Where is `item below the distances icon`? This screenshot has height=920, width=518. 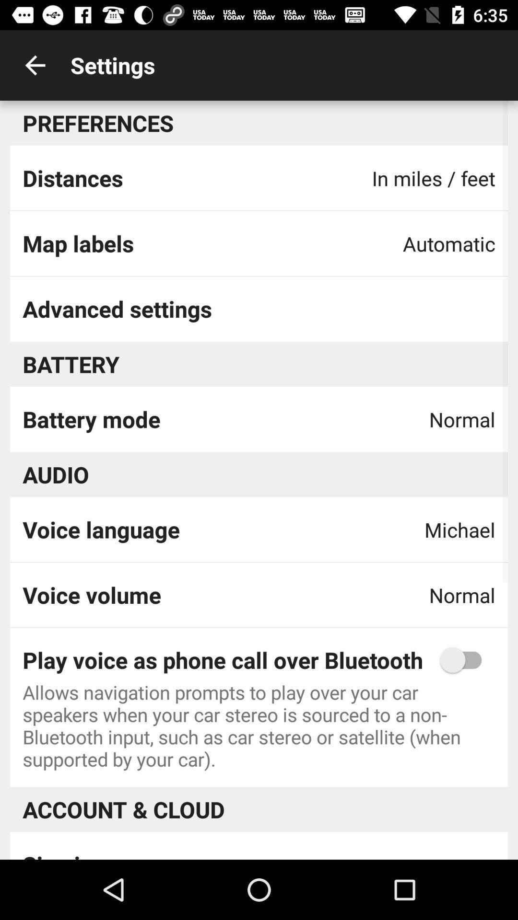
item below the distances icon is located at coordinates (78, 243).